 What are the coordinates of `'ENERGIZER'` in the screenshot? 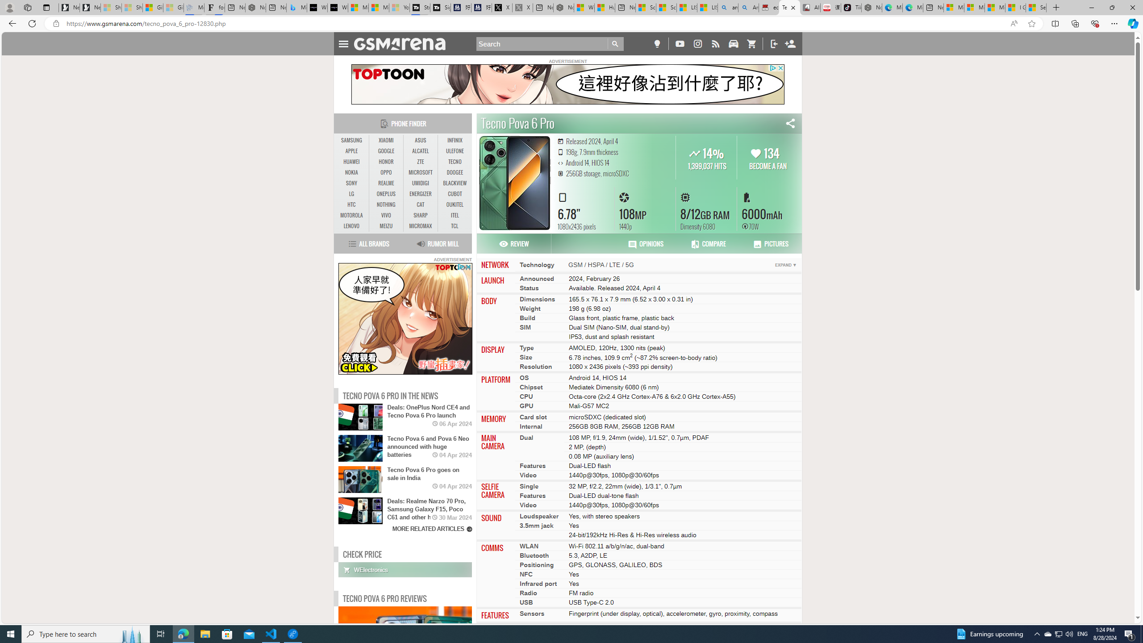 It's located at (420, 193).